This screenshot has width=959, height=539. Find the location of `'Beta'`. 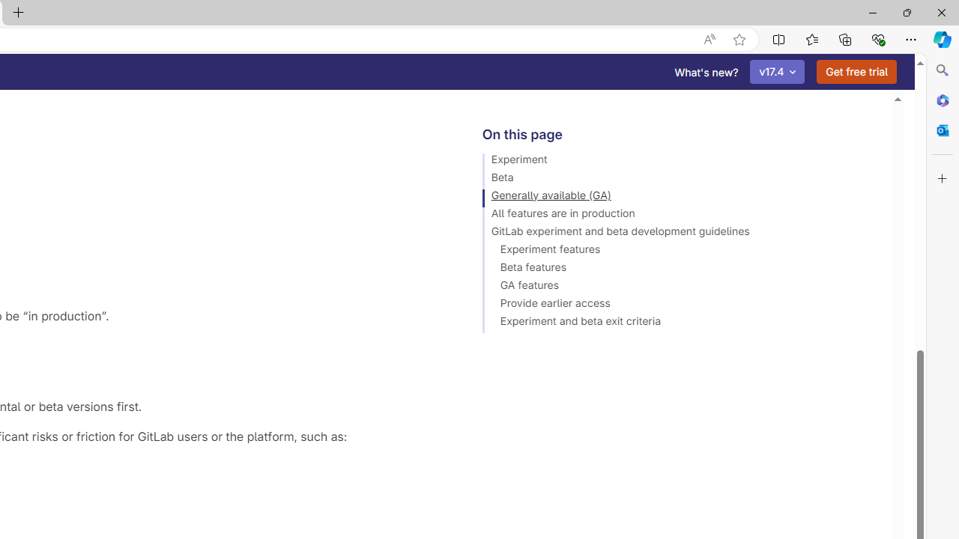

'Beta' is located at coordinates (680, 179).